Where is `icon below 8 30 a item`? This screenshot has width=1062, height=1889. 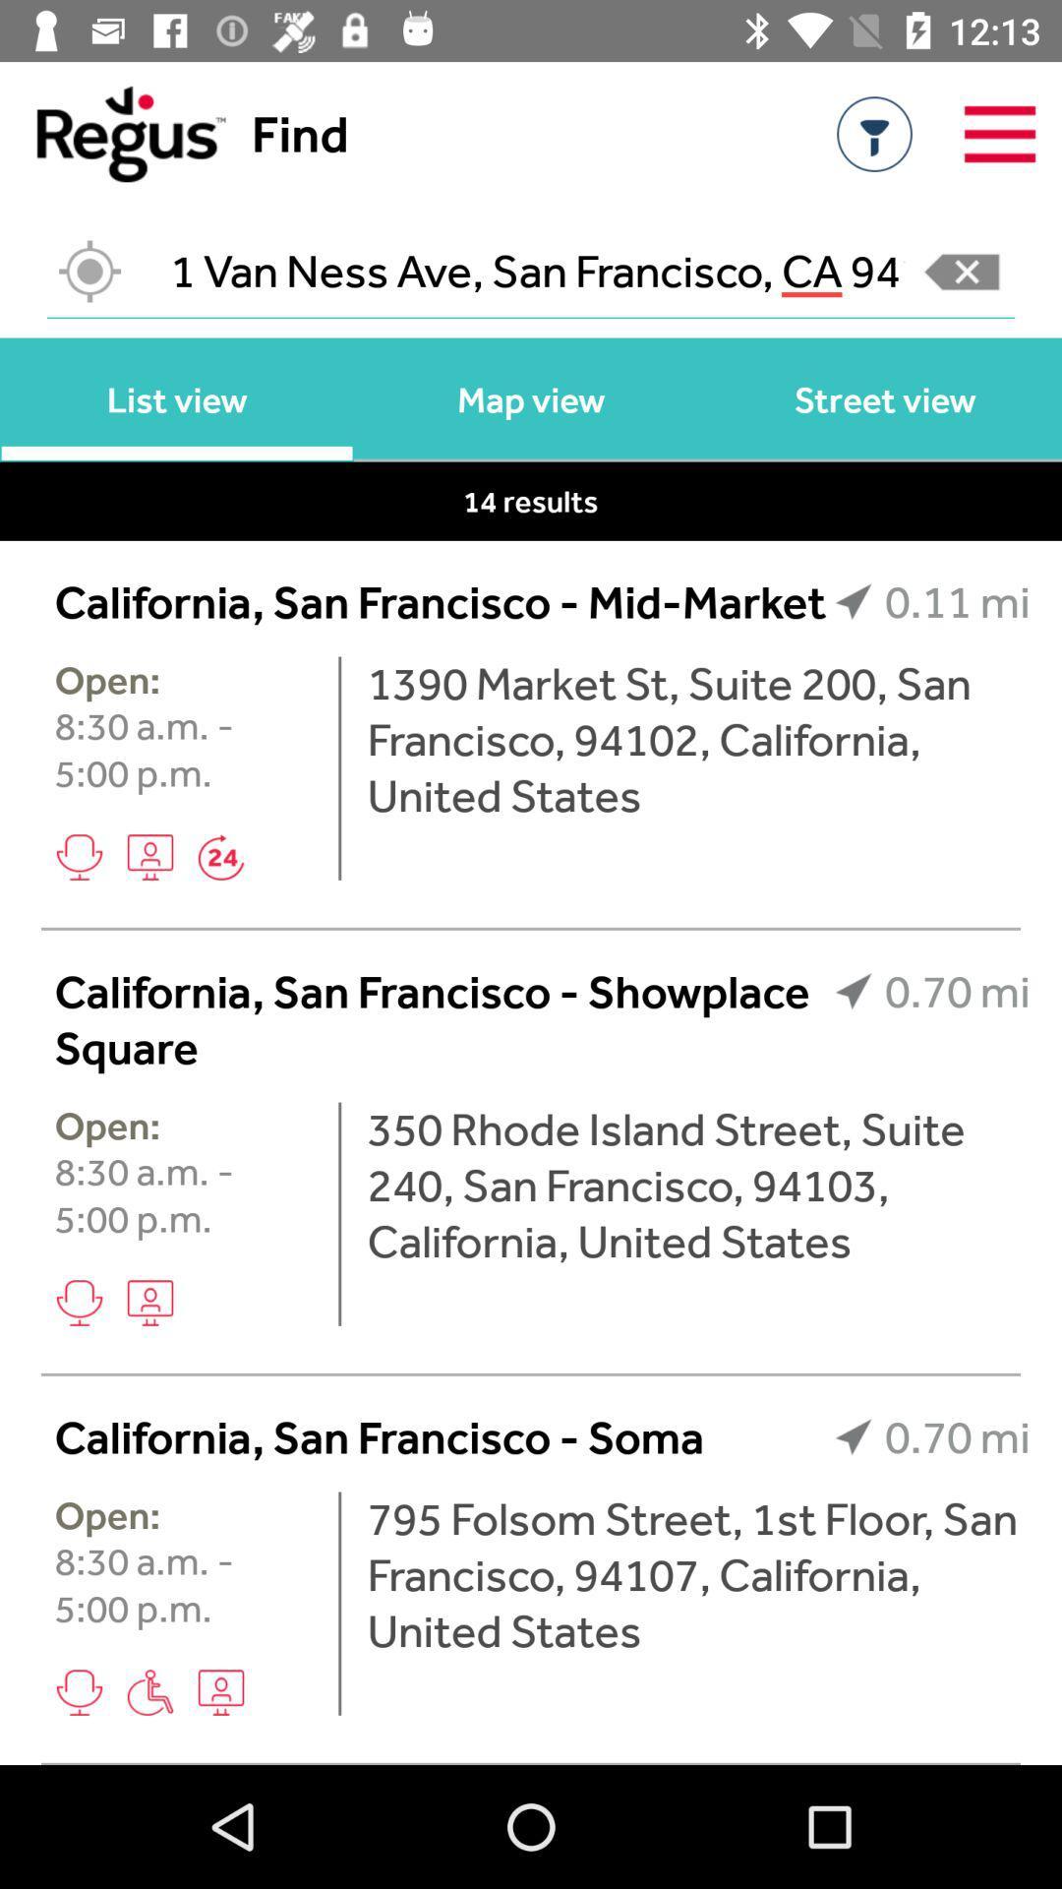
icon below 8 30 a item is located at coordinates (149, 857).